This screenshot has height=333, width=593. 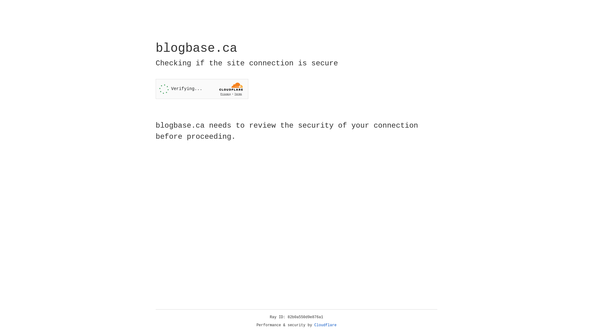 What do you see at coordinates (325, 325) in the screenshot?
I see `'Cloudflare'` at bounding box center [325, 325].